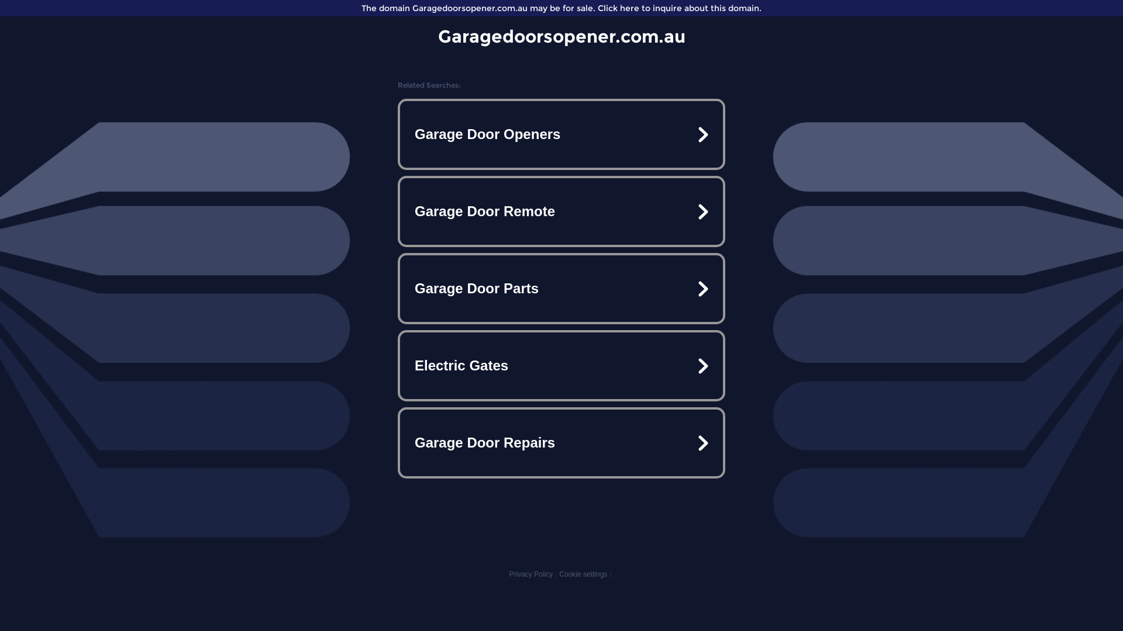 Image resolution: width=1123 pixels, height=631 pixels. Describe the element at coordinates (530, 574) in the screenshot. I see `'Privacy Policy'` at that location.